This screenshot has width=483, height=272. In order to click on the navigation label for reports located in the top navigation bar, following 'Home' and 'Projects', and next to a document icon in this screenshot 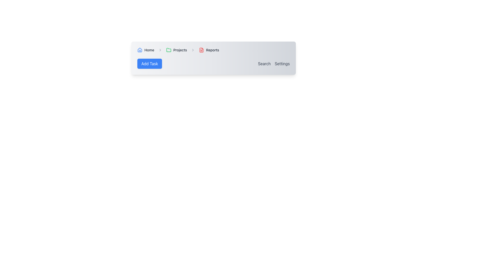, I will do `click(213, 50)`.